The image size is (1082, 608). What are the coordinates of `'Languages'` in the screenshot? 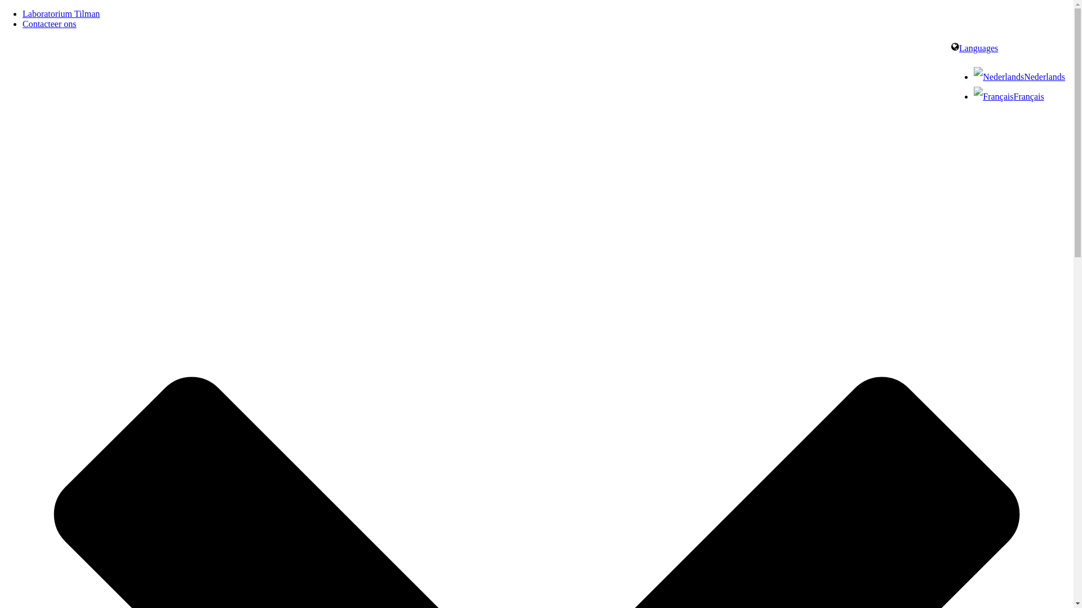 It's located at (974, 47).